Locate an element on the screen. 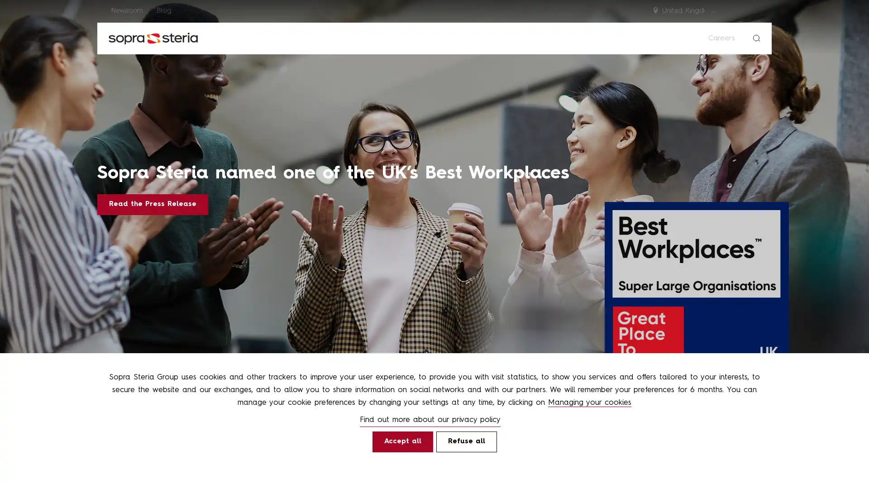  Careers is located at coordinates (721, 38).